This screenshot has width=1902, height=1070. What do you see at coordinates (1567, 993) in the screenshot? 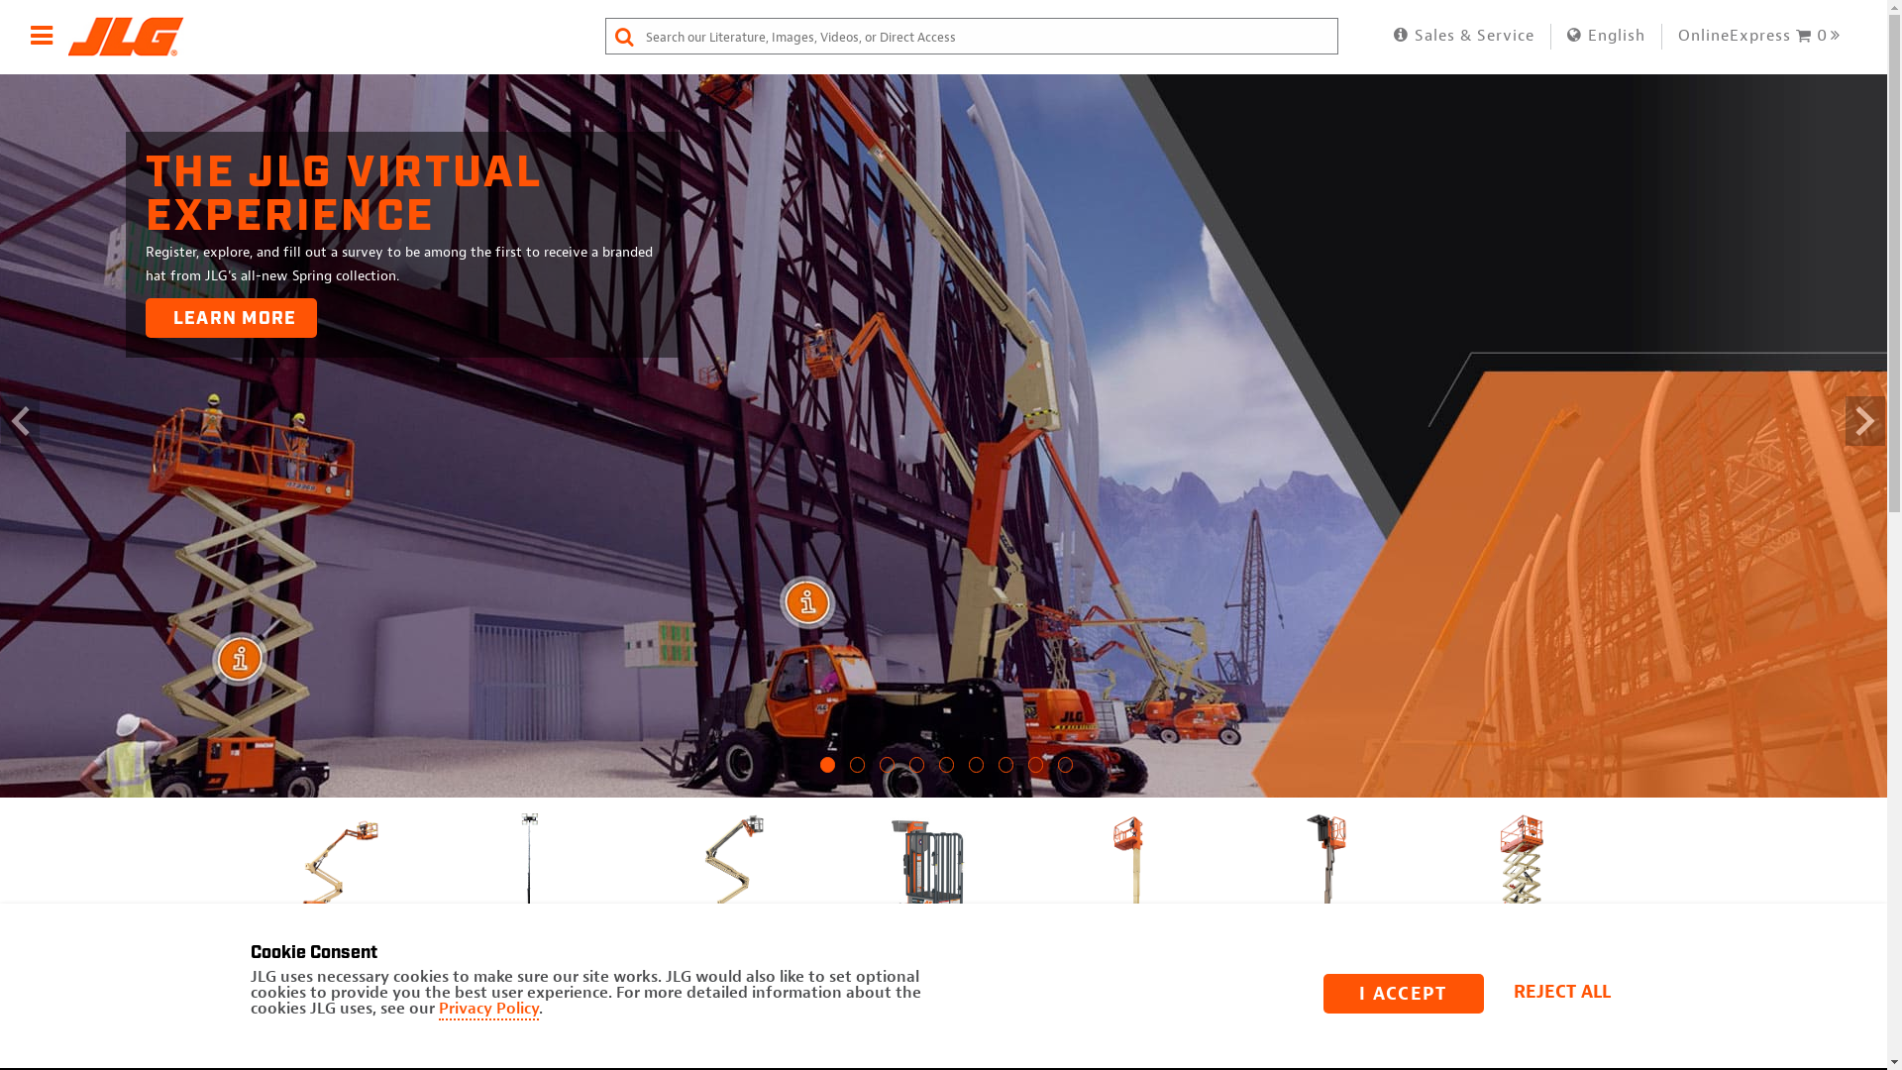
I see `'REJECT ALL'` at bounding box center [1567, 993].